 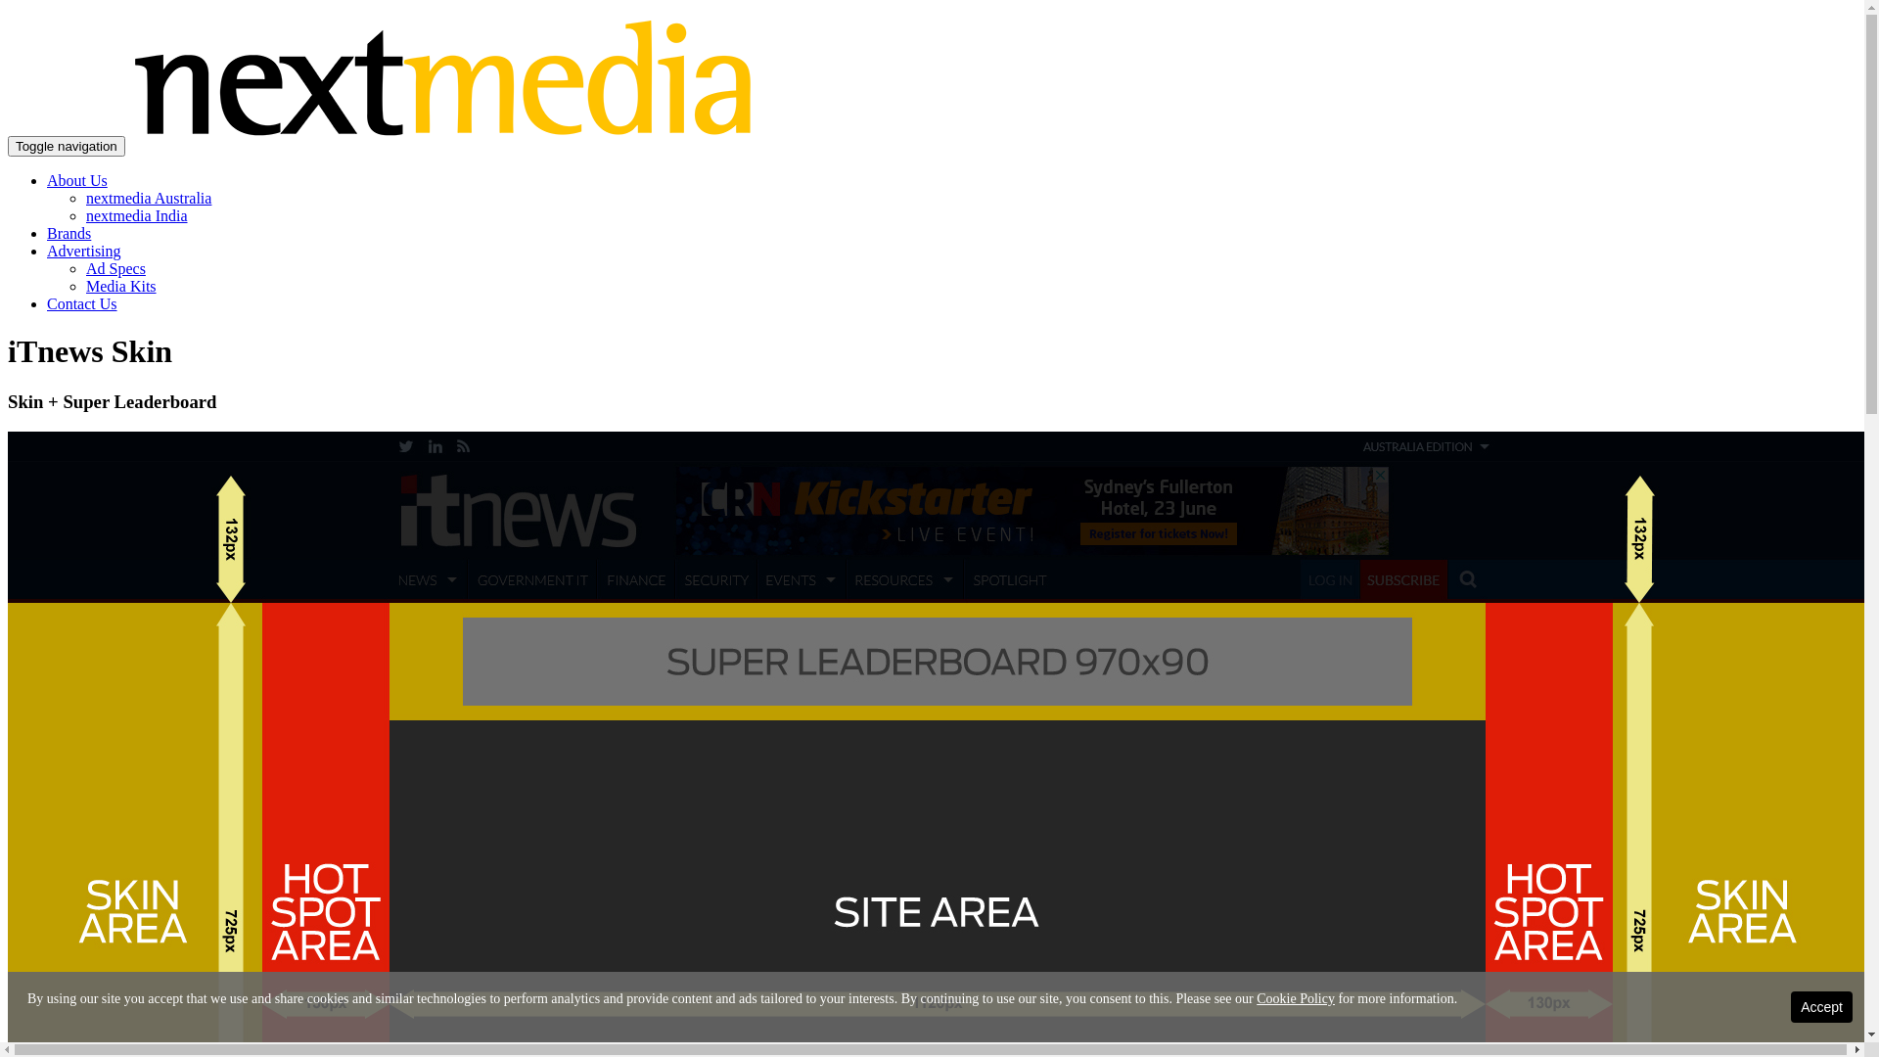 I want to click on 'Cookie Policy', so click(x=1296, y=998).